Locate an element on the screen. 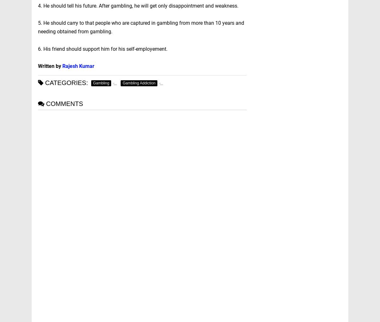 The width and height of the screenshot is (380, 322). 'Business Education' is located at coordinates (291, 93).